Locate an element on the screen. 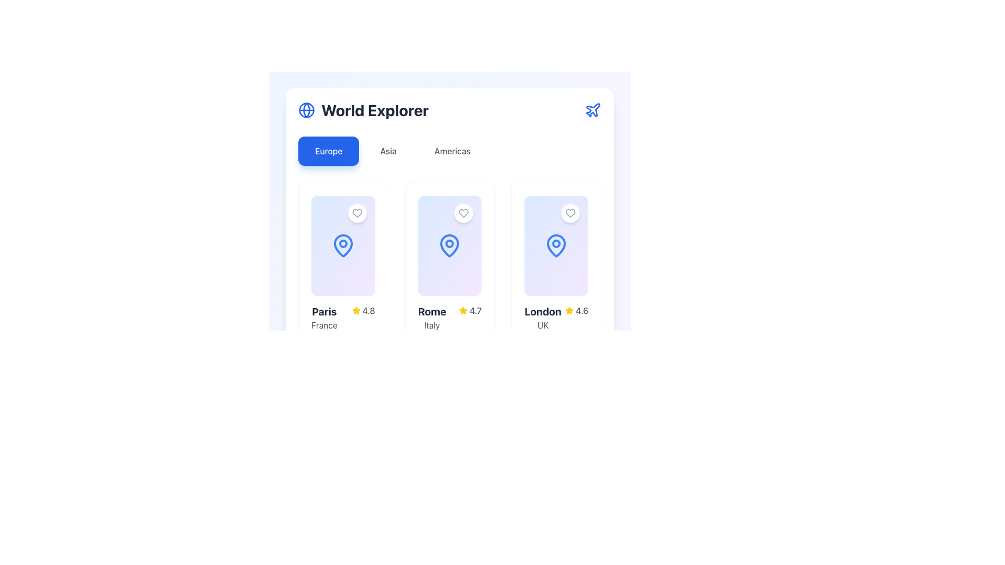  the lower elliptical section of the blue map pin icon located in the 'London UK' card, which is the third card from the left in the horizontal row of location cards is located at coordinates (556, 246).